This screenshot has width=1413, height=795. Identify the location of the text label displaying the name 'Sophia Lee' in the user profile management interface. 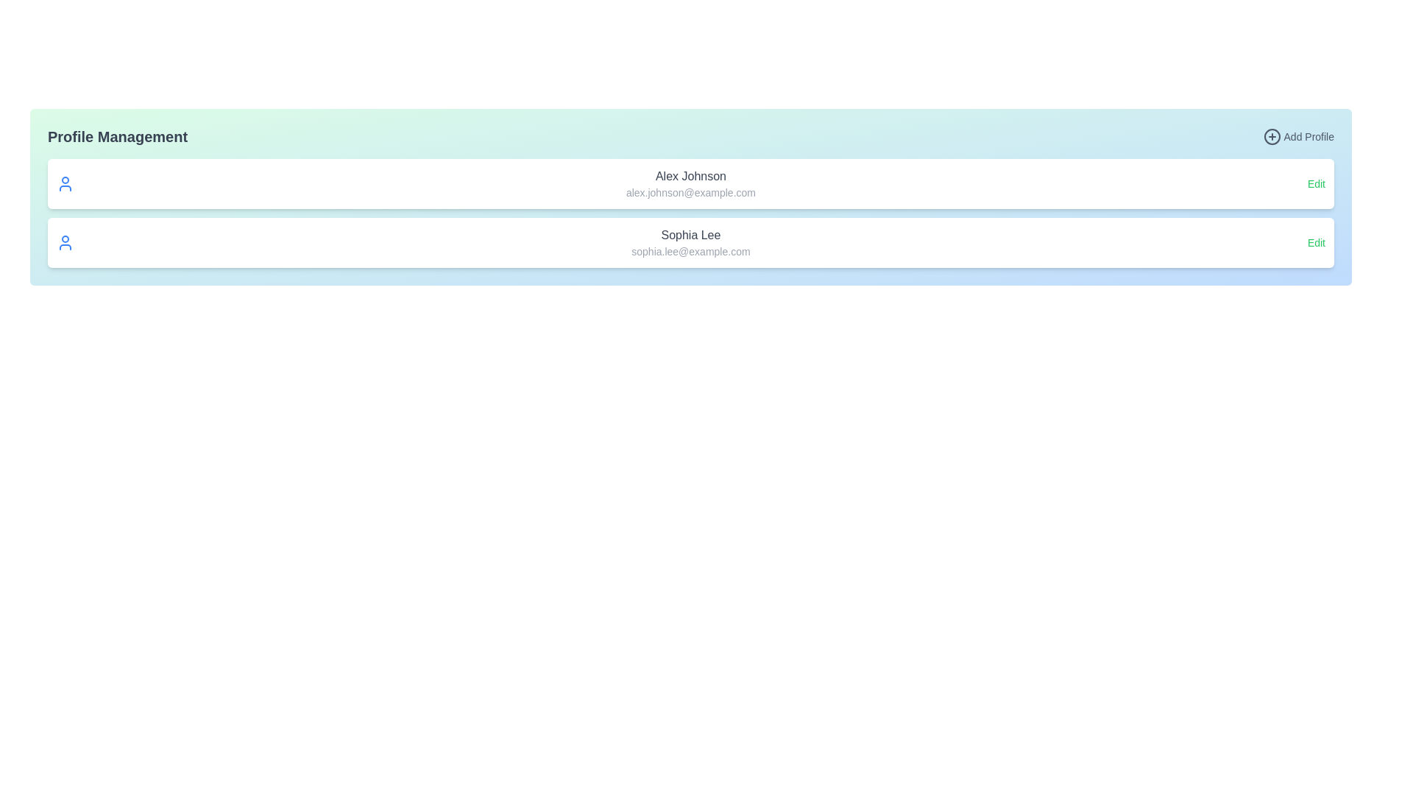
(690, 235).